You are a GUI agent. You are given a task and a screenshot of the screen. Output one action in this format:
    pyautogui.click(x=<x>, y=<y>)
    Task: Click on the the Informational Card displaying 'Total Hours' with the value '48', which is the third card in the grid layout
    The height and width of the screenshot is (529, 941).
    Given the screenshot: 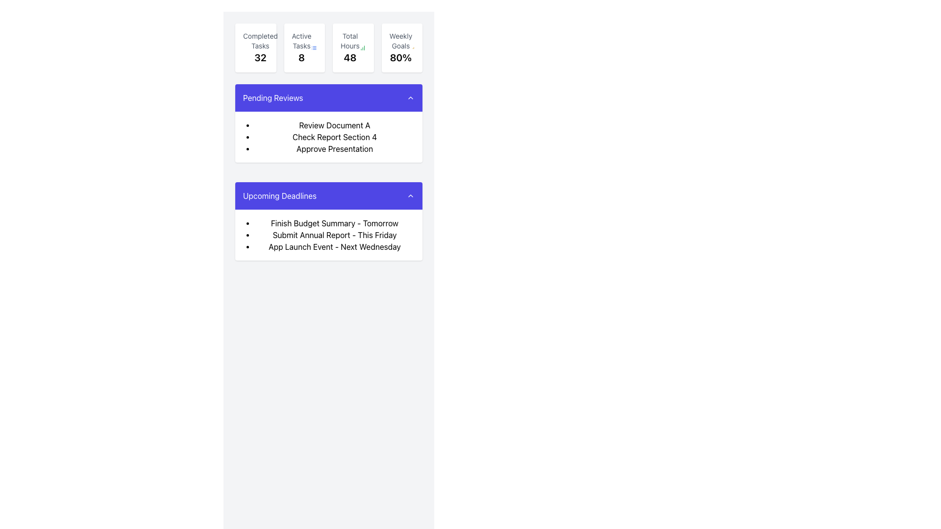 What is the action you would take?
    pyautogui.click(x=353, y=48)
    